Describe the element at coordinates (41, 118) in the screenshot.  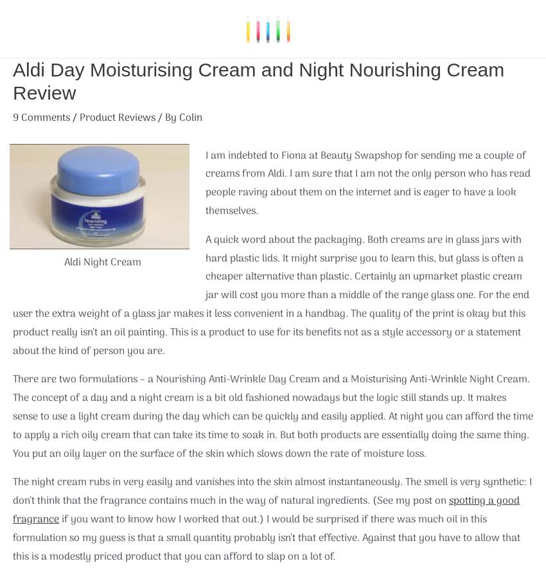
I see `'9 Comments'` at that location.